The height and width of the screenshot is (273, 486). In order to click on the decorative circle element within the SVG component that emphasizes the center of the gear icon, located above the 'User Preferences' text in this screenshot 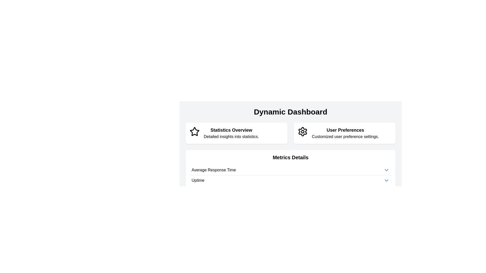, I will do `click(302, 131)`.